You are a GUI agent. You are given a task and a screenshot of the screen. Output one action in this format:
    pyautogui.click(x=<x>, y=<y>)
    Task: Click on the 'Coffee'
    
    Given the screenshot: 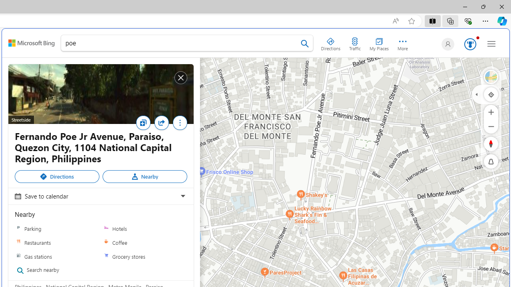 What is the action you would take?
    pyautogui.click(x=106, y=242)
    